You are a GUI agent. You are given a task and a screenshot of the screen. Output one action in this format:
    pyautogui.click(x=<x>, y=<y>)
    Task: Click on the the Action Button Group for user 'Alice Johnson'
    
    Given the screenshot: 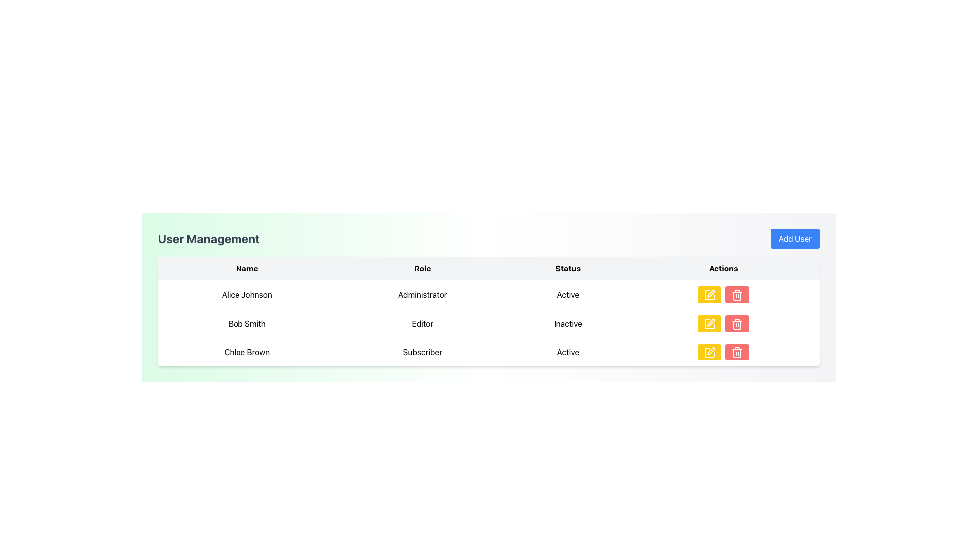 What is the action you would take?
    pyautogui.click(x=723, y=294)
    